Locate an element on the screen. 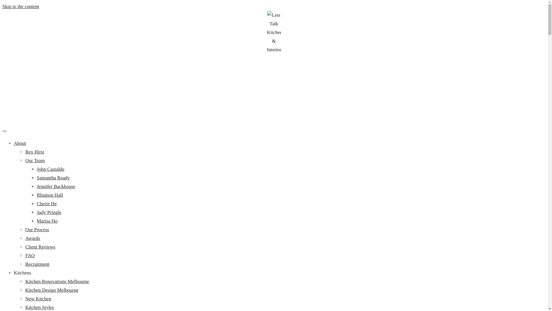 The width and height of the screenshot is (552, 311). 'Kitchen Design Melbourne' is located at coordinates (52, 290).